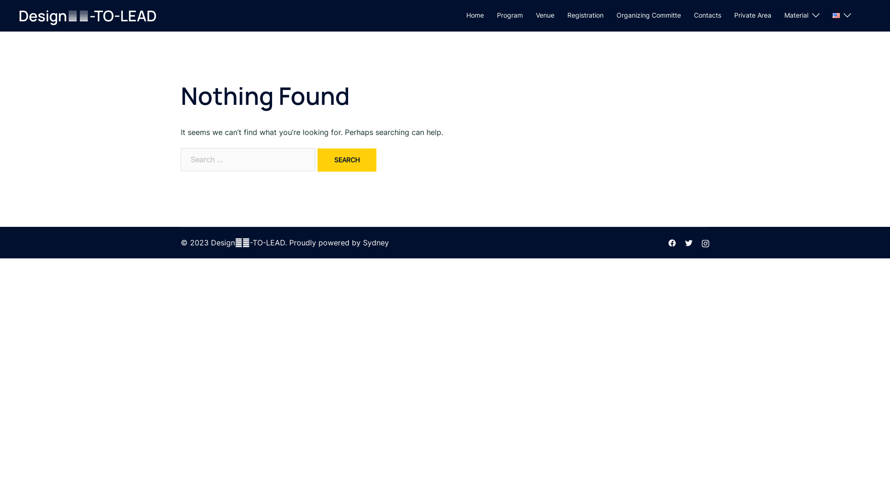  What do you see at coordinates (648, 15) in the screenshot?
I see `'Organizing Committe'` at bounding box center [648, 15].